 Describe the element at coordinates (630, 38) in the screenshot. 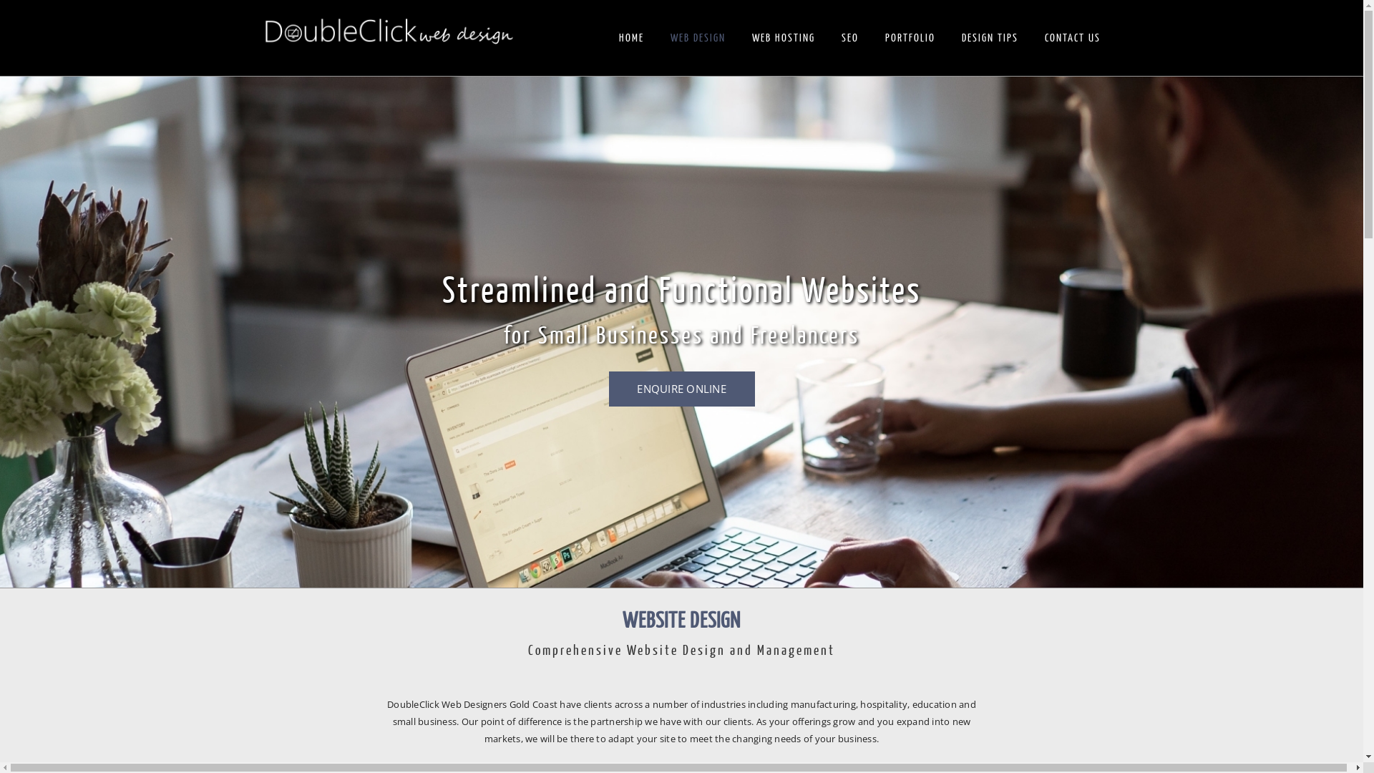

I see `'HOME'` at that location.